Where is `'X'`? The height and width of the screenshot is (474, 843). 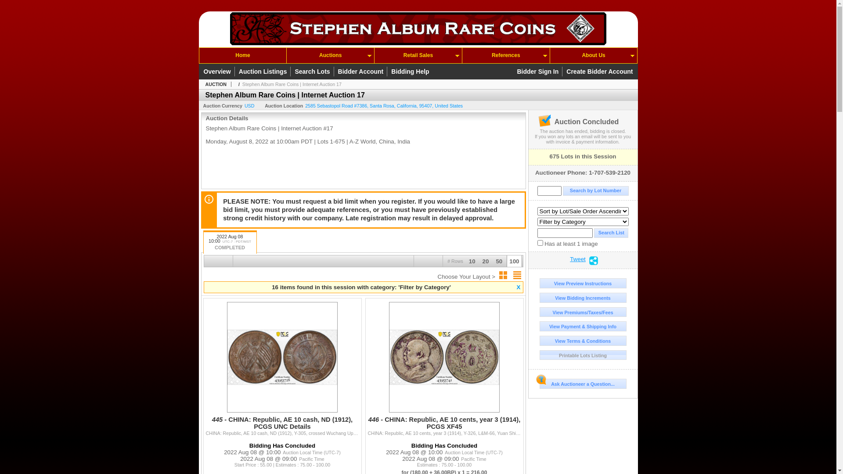
'X' is located at coordinates (519, 287).